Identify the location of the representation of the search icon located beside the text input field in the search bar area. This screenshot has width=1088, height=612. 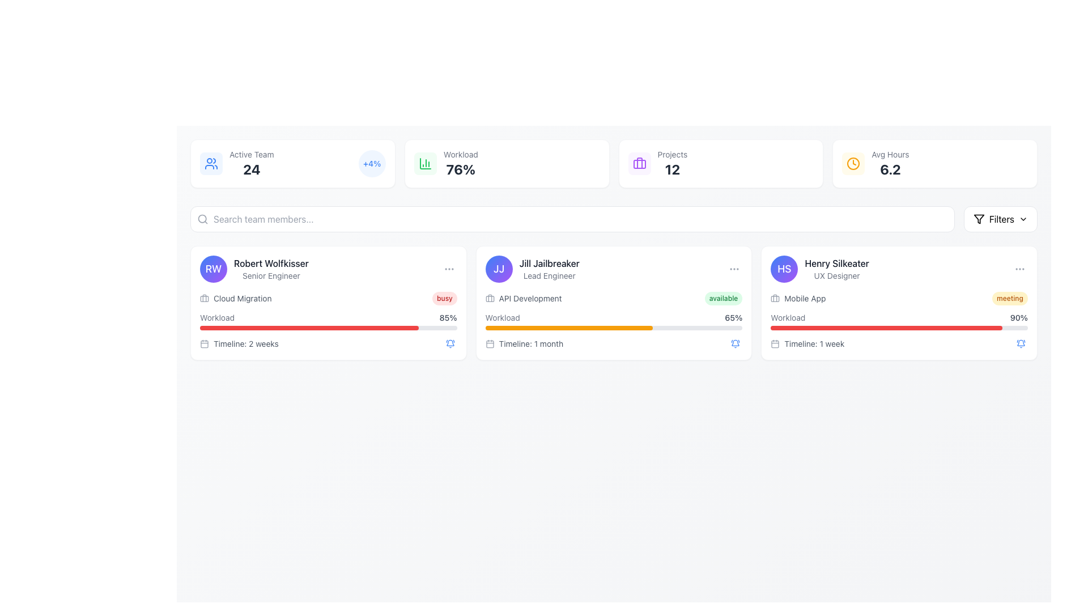
(203, 219).